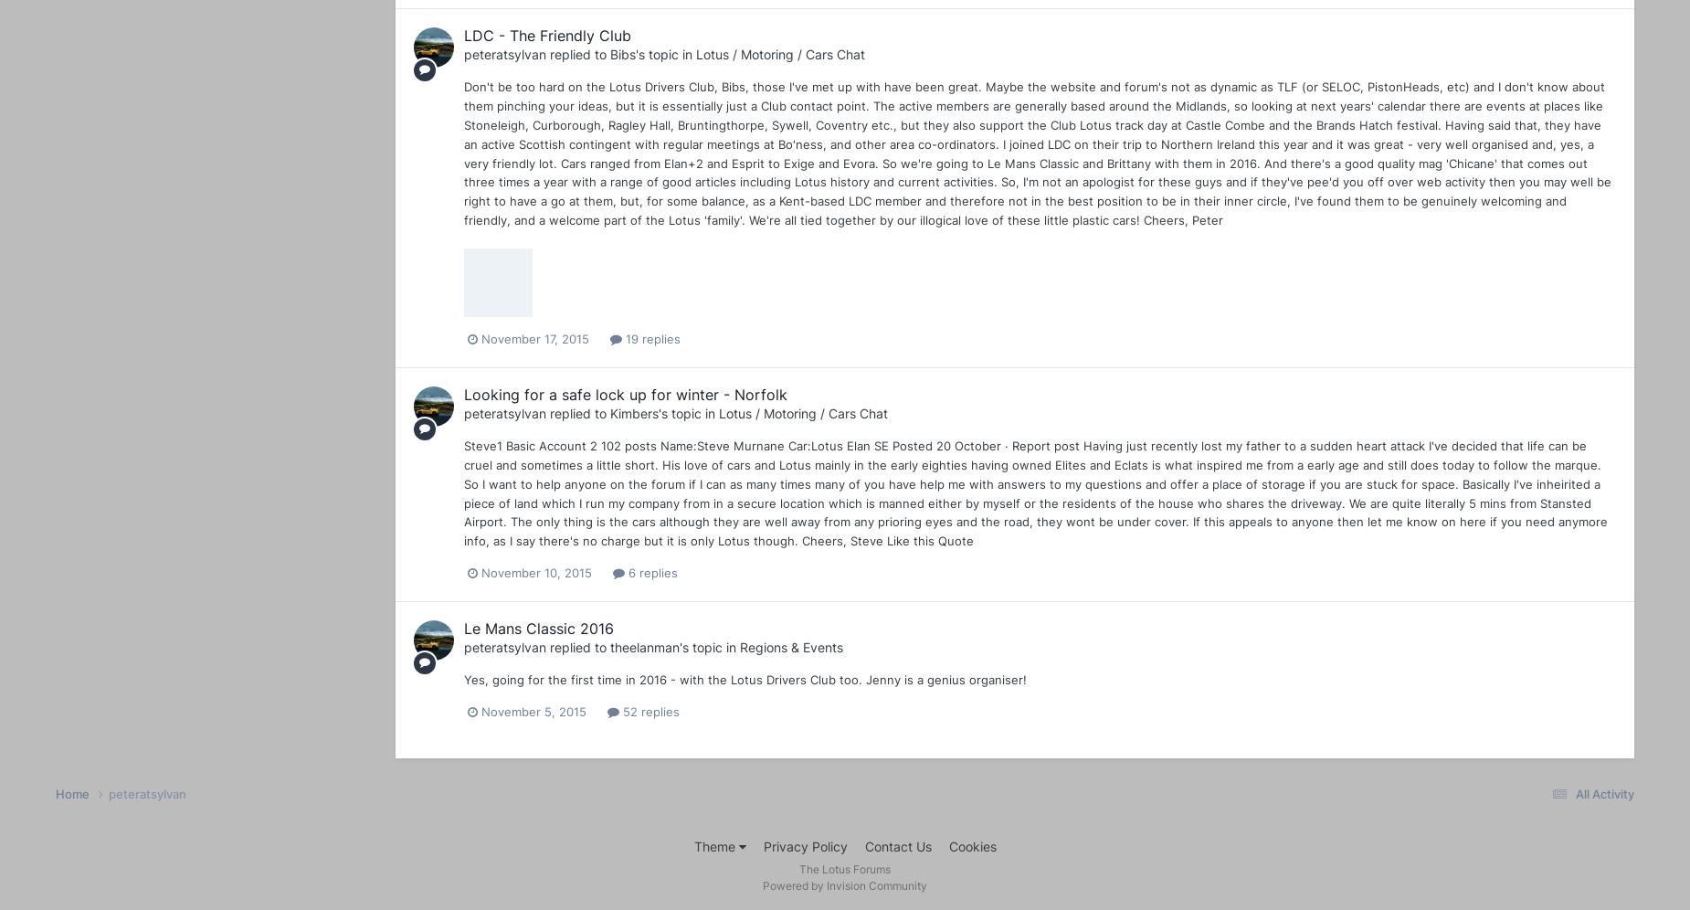 This screenshot has width=1690, height=910. What do you see at coordinates (947, 846) in the screenshot?
I see `'Cookies'` at bounding box center [947, 846].